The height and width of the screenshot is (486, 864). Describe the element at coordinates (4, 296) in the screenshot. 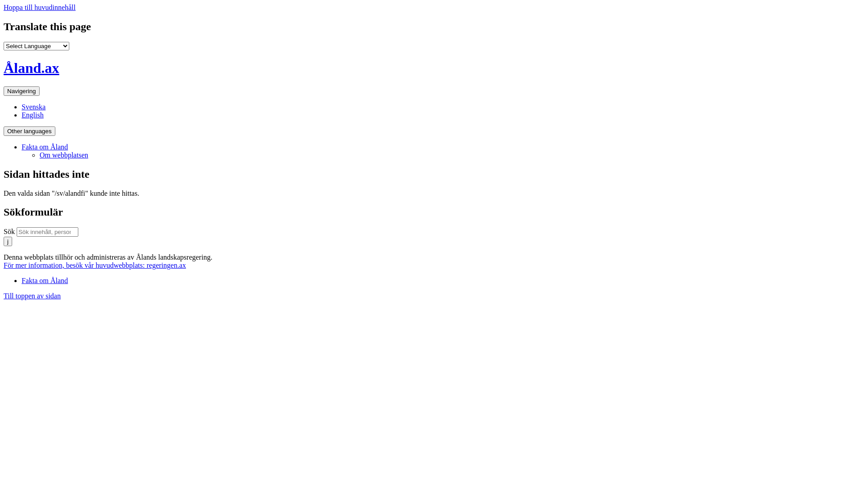

I see `'Till toppen av sidan'` at that location.